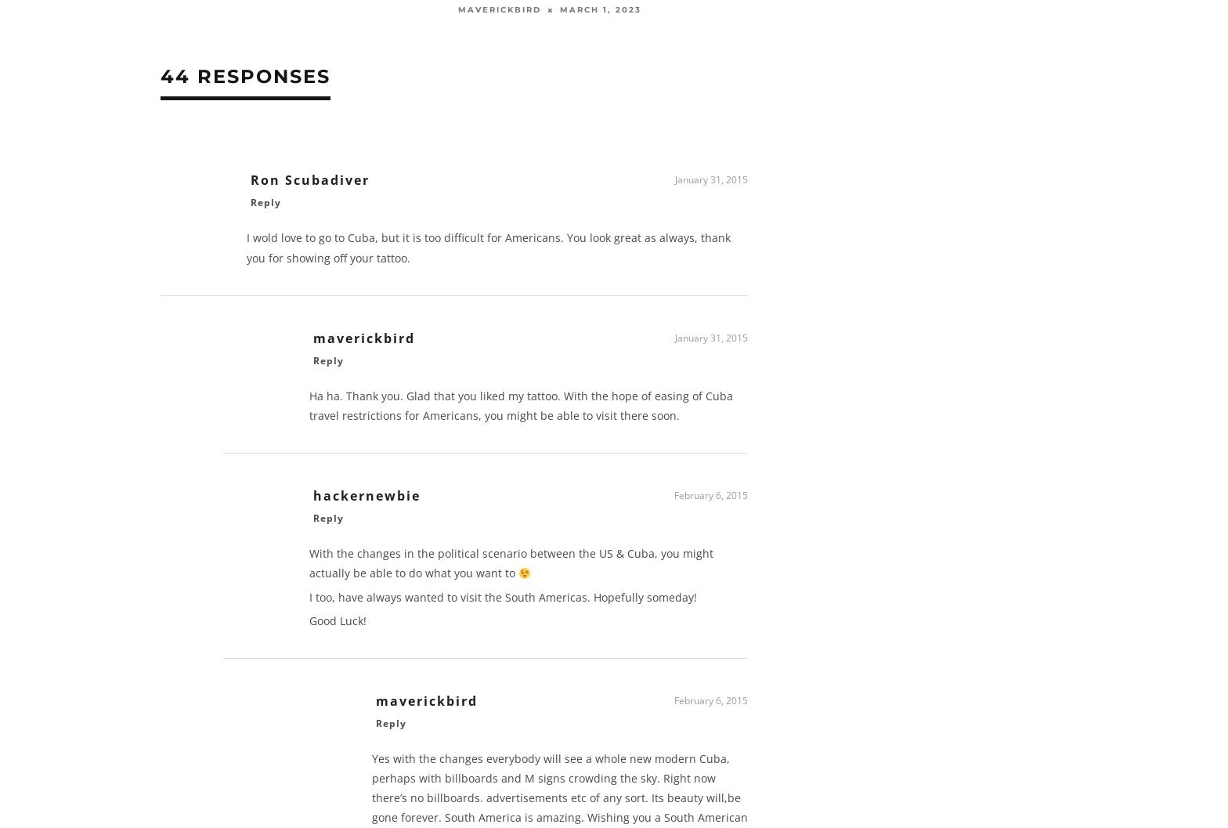 The height and width of the screenshot is (828, 1228). What do you see at coordinates (251, 184) in the screenshot?
I see `'Ron Scubadiver'` at bounding box center [251, 184].